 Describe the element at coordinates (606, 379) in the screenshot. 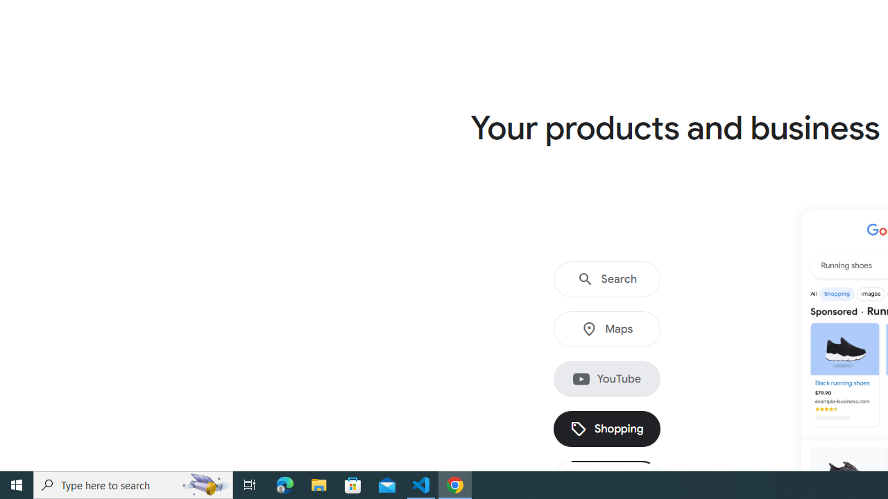

I see `'YouTube'` at that location.